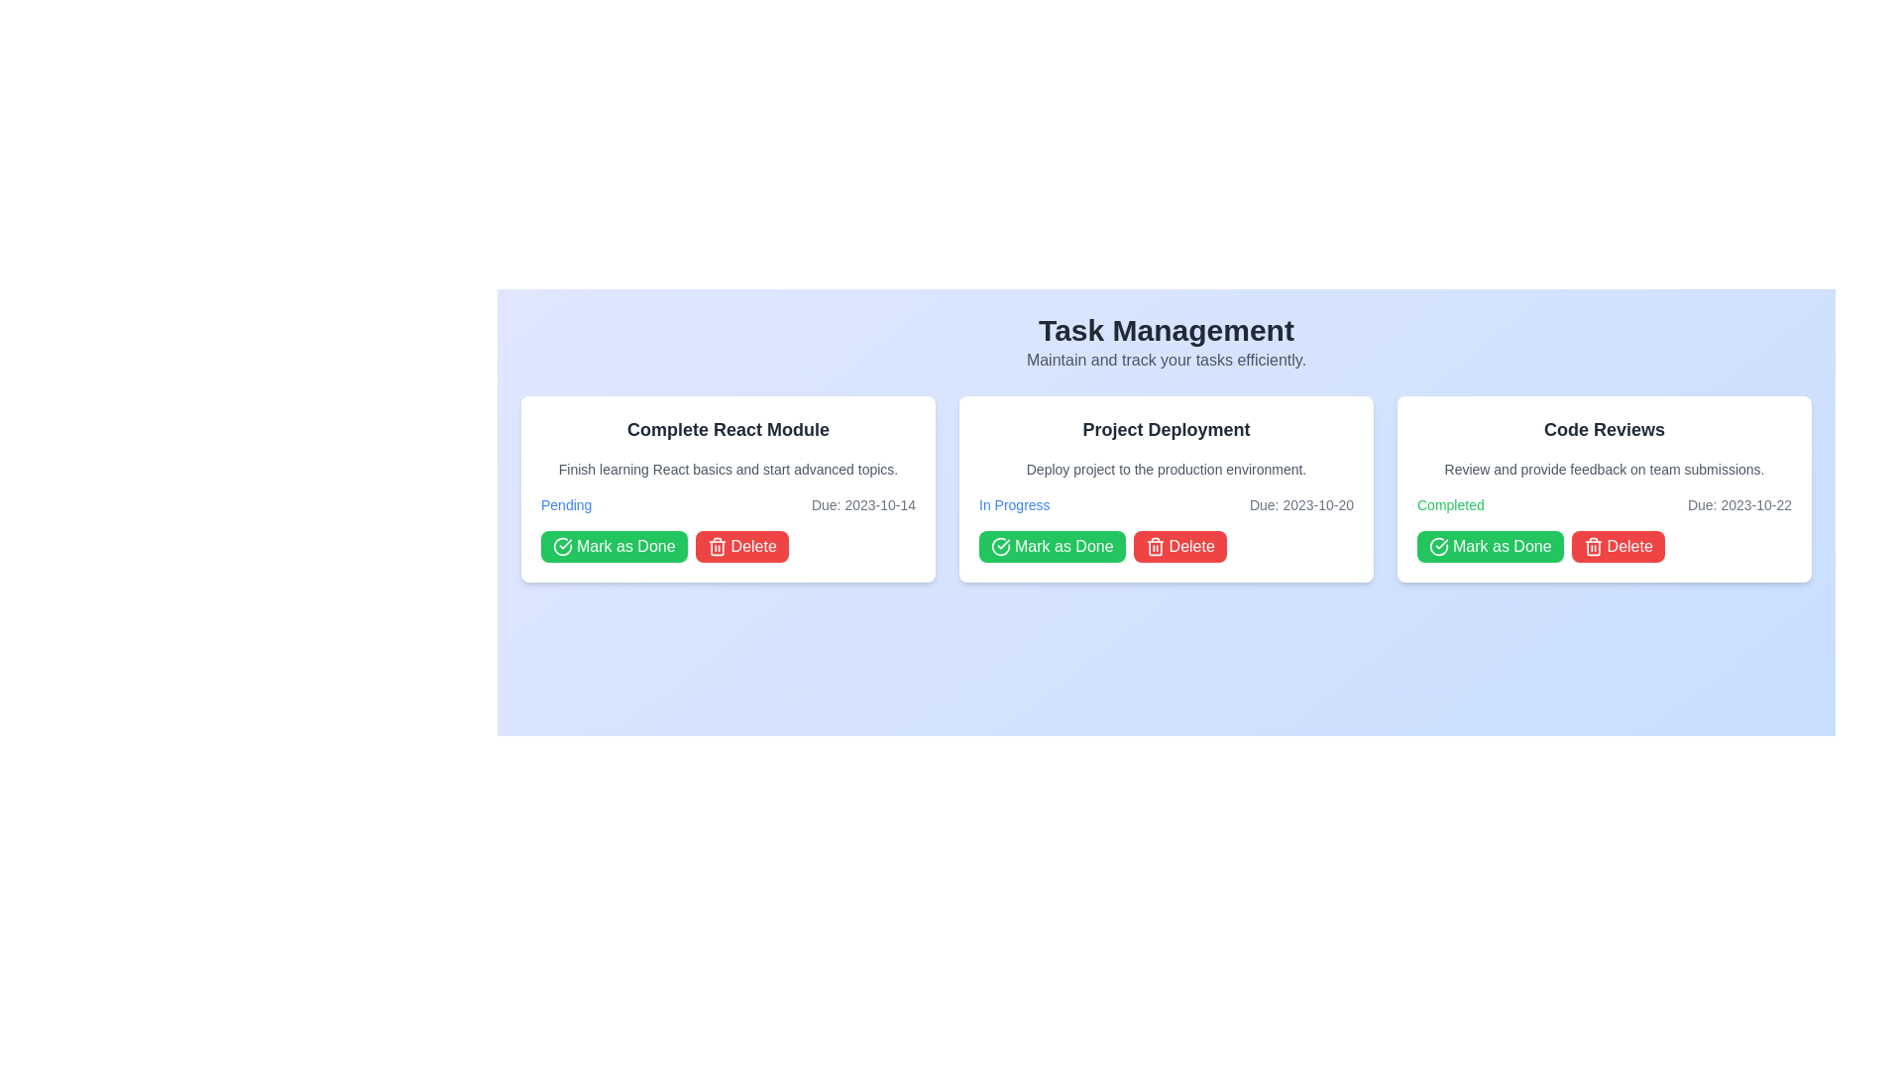 This screenshot has height=1070, width=1903. What do you see at coordinates (863, 503) in the screenshot?
I see `static text label displaying the due date 'Due: 2023-10-14', which is located within the 'Complete React Module' task card, positioned to the right of the 'Pending' status text` at bounding box center [863, 503].